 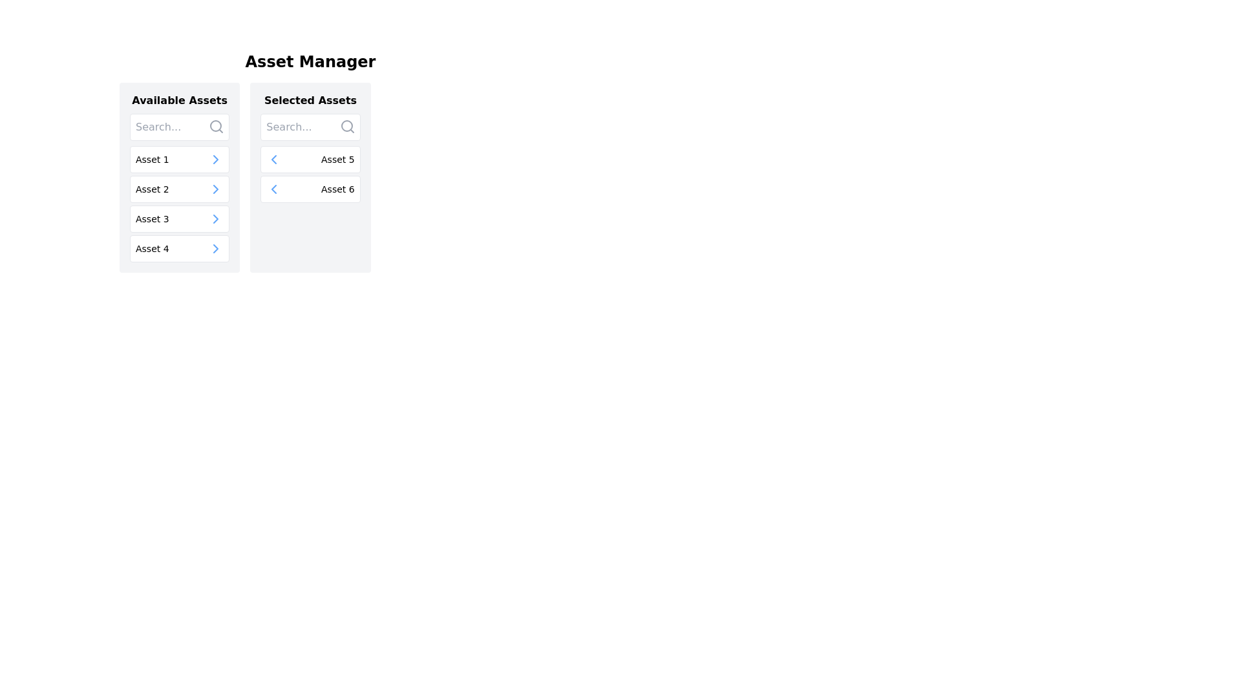 I want to click on the static text label that displays 'Available Assets', which is styled in bold and positioned at the top-left area of the panel with a light gray background, so click(x=179, y=100).